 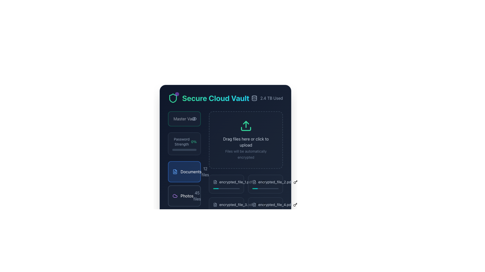 What do you see at coordinates (226, 184) in the screenshot?
I see `the file card representing 'encrypted_file_1.pdf' located in the first row, first column of the grid under the 'Documents' section` at bounding box center [226, 184].